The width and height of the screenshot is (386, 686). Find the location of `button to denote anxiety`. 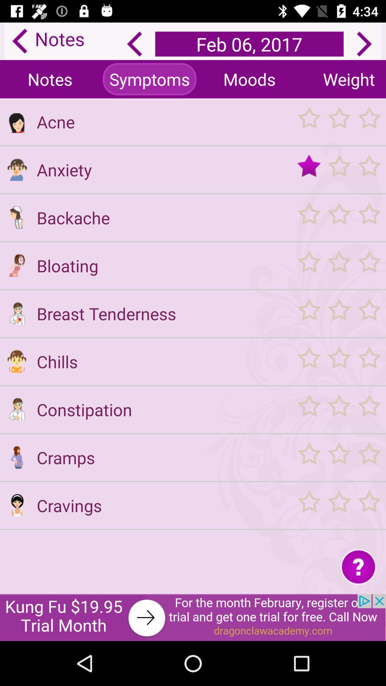

button to denote anxiety is located at coordinates (16, 169).